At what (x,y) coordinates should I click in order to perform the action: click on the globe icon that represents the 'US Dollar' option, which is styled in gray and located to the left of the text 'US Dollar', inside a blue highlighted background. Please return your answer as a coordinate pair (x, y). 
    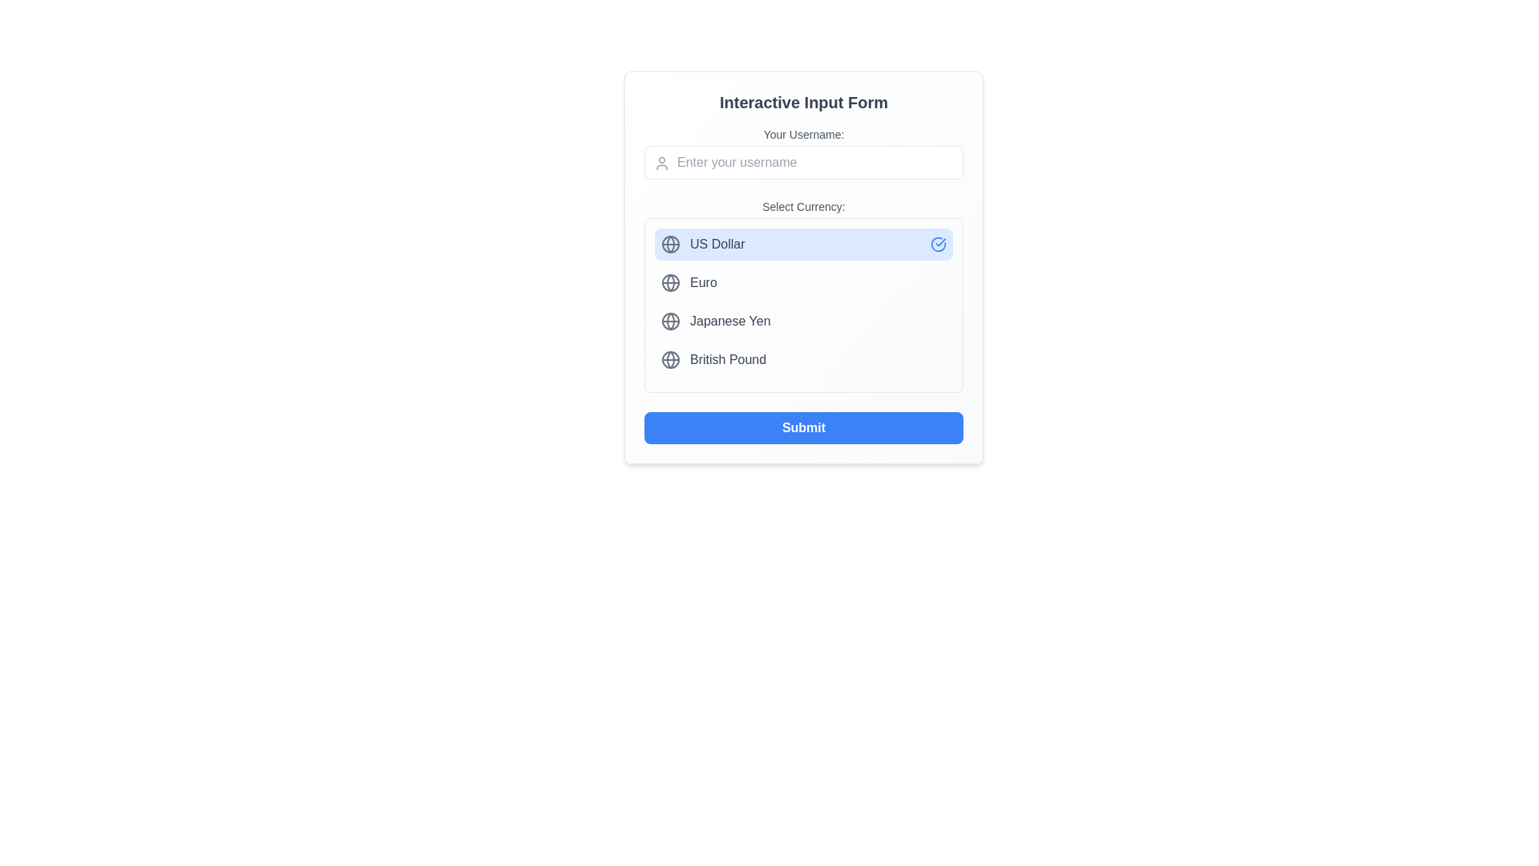
    Looking at the image, I should click on (670, 244).